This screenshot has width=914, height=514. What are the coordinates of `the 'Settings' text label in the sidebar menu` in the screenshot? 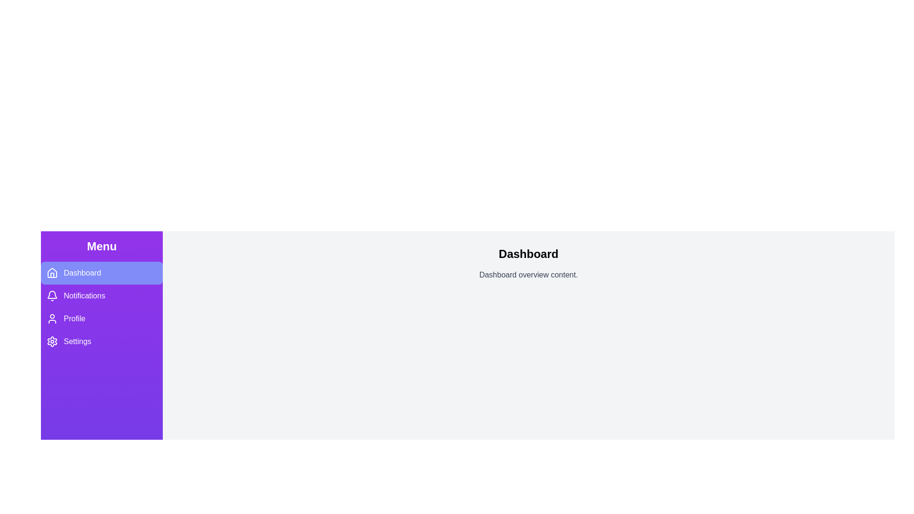 It's located at (77, 341).